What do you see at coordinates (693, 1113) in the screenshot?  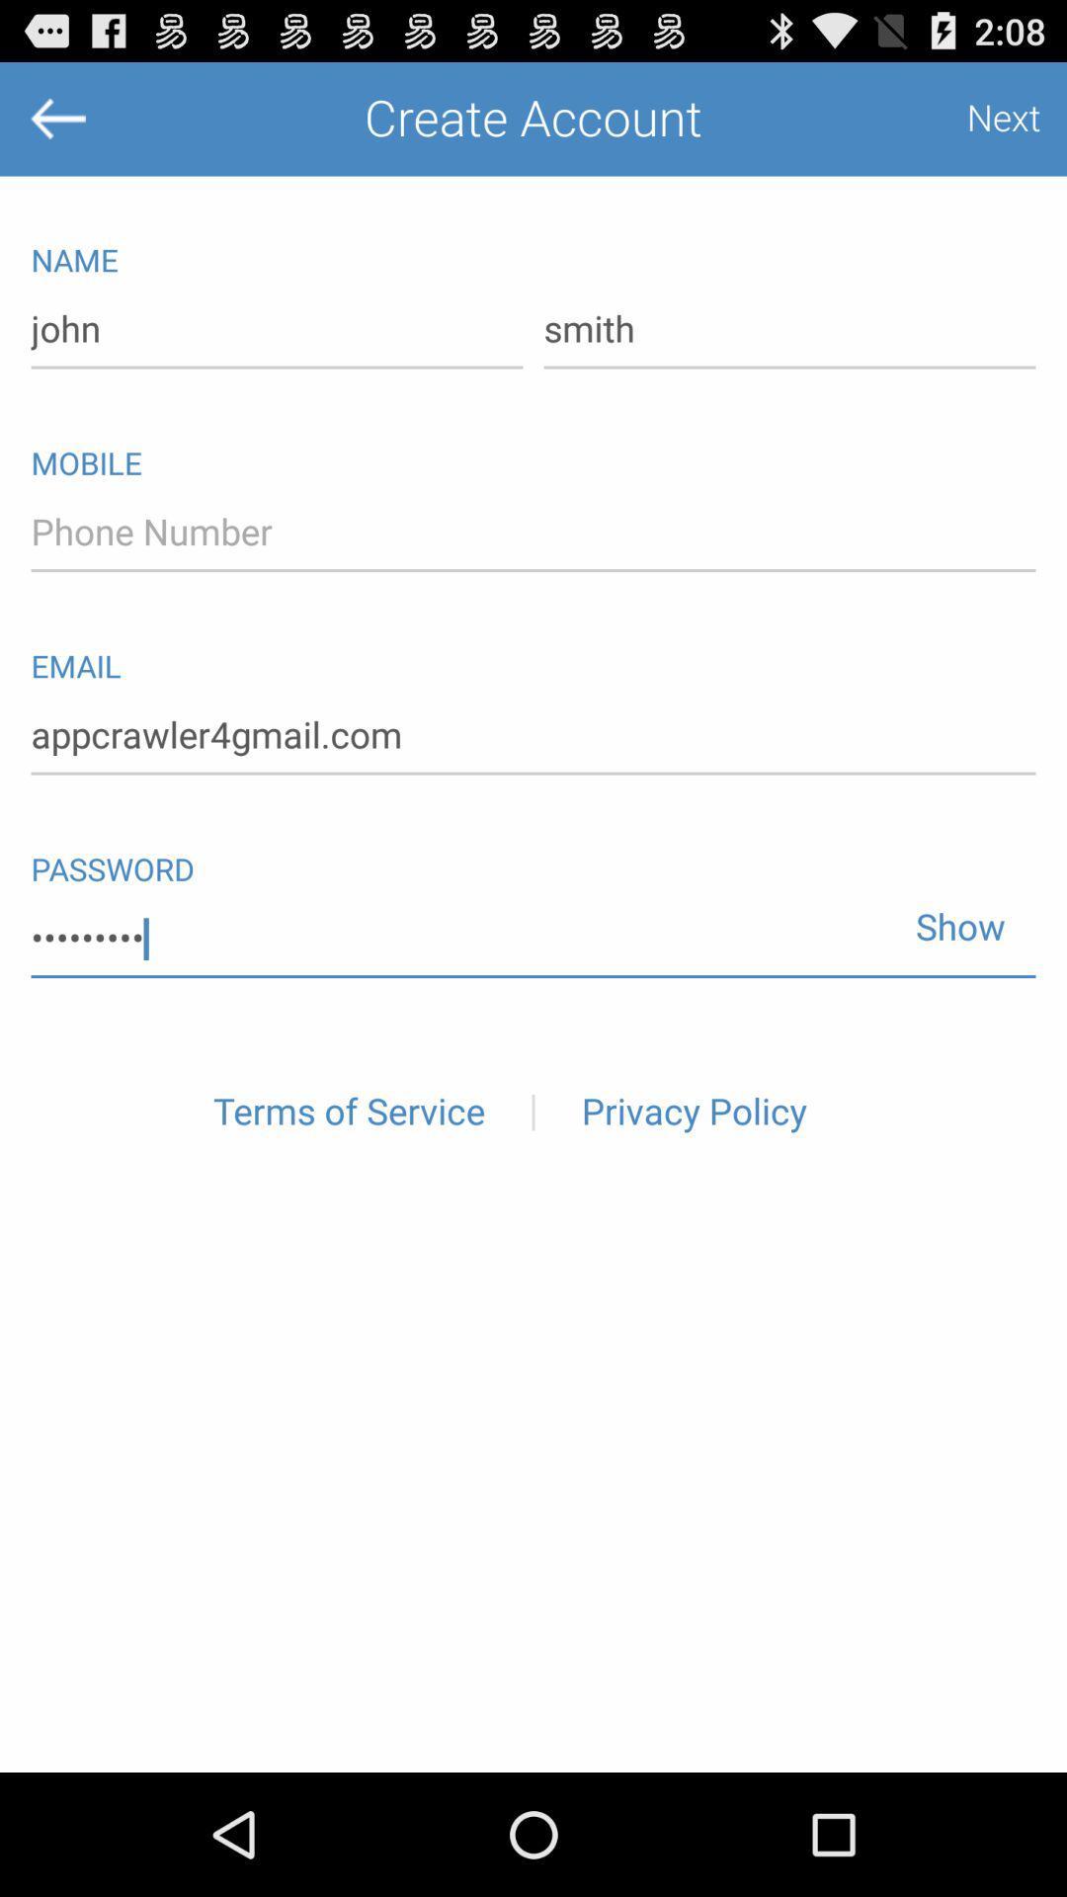 I see `the privacy policy item` at bounding box center [693, 1113].